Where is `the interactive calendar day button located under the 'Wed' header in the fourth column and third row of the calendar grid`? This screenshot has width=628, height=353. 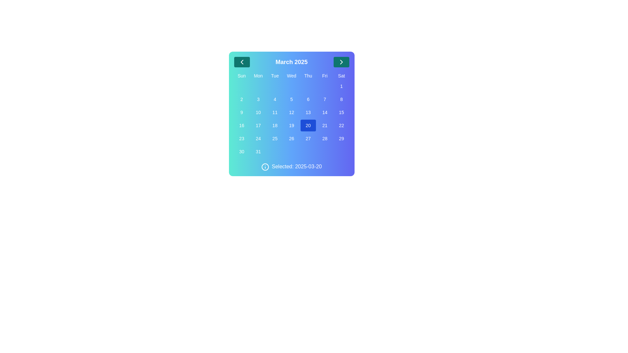
the interactive calendar day button located under the 'Wed' header in the fourth column and third row of the calendar grid is located at coordinates (291, 126).